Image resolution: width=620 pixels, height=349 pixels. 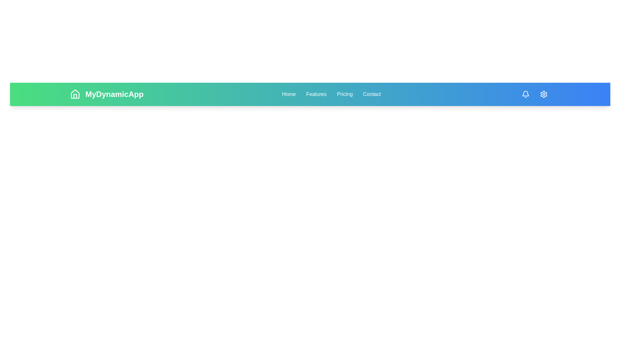 What do you see at coordinates (372, 94) in the screenshot?
I see `the link labeled Contact to observe its hover style` at bounding box center [372, 94].